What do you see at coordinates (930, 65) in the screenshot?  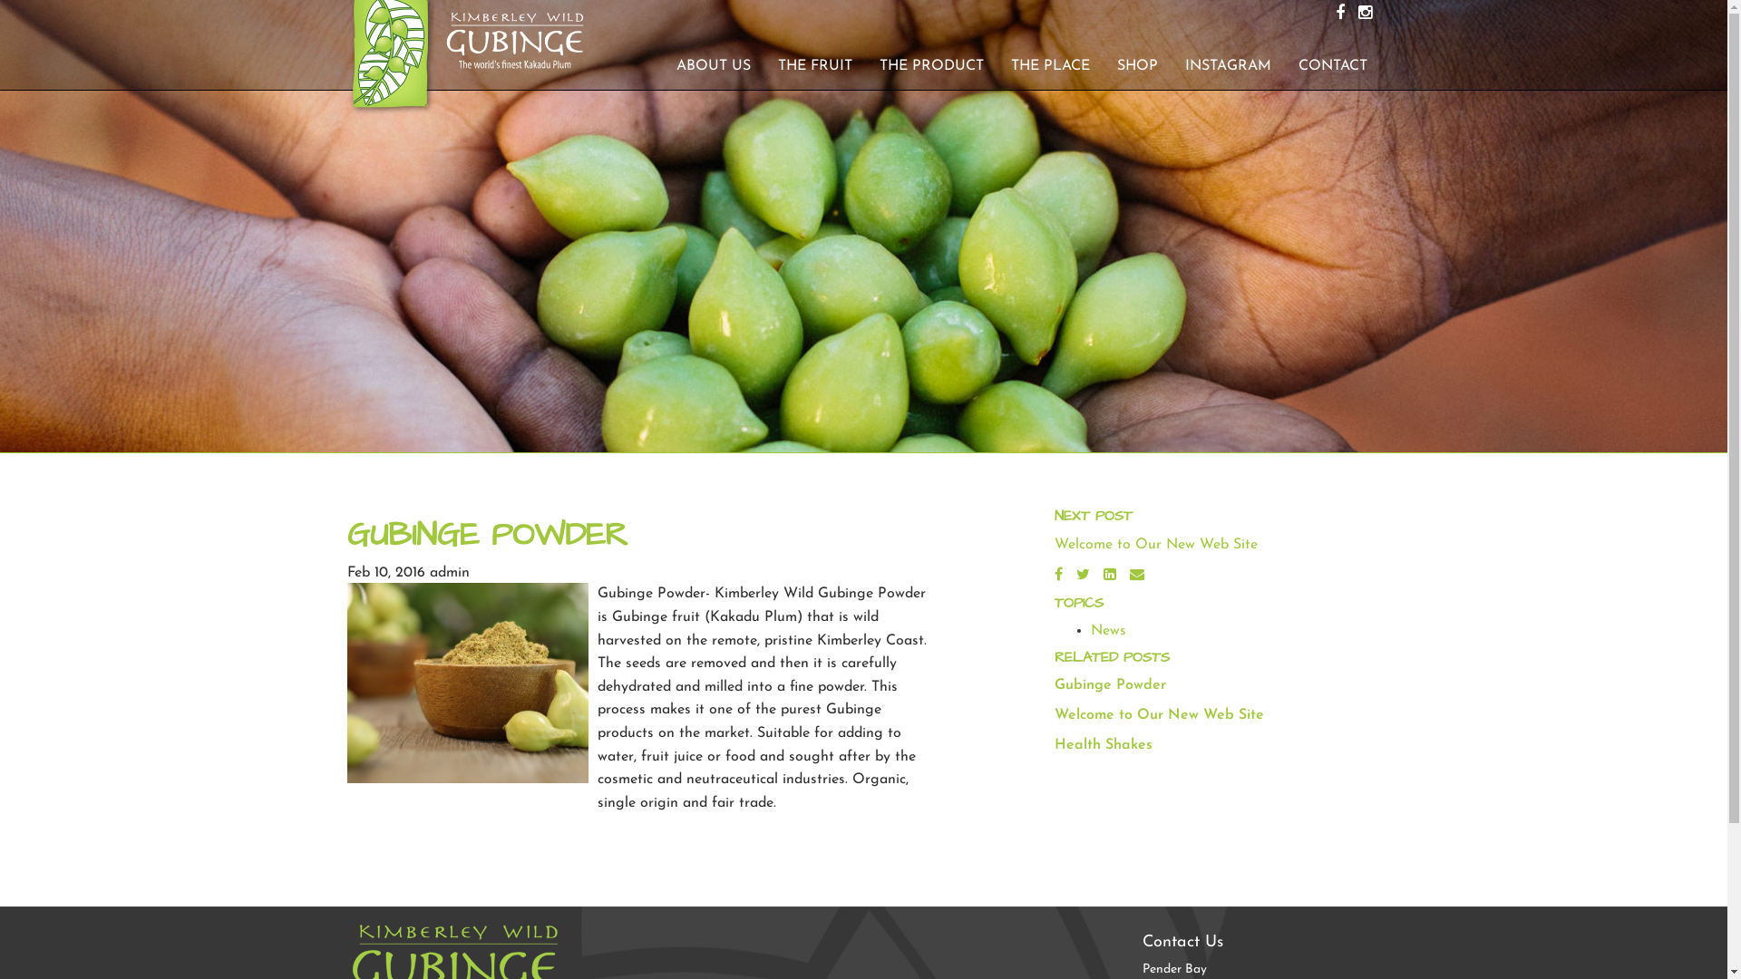 I see `'THE PRODUCT'` at bounding box center [930, 65].